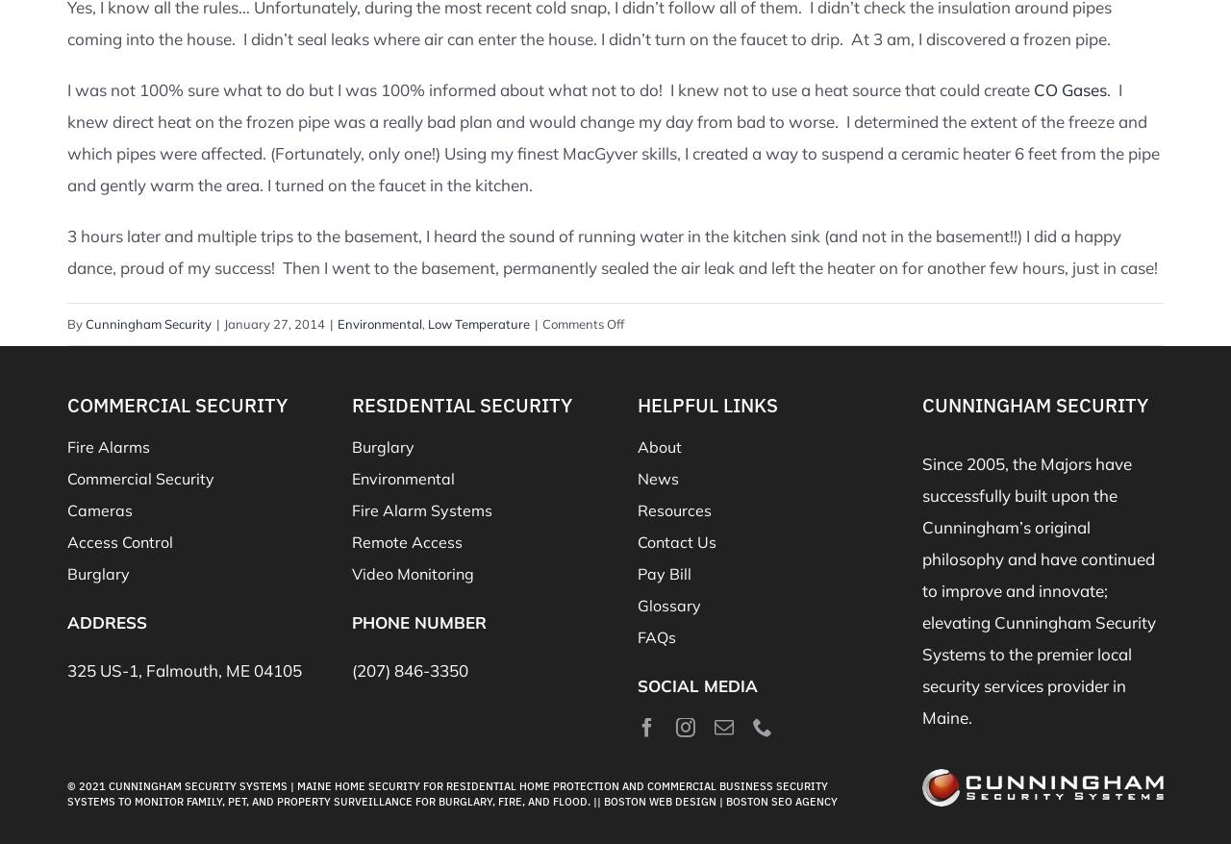  What do you see at coordinates (971, 87) in the screenshot?
I see `'hat could create'` at bounding box center [971, 87].